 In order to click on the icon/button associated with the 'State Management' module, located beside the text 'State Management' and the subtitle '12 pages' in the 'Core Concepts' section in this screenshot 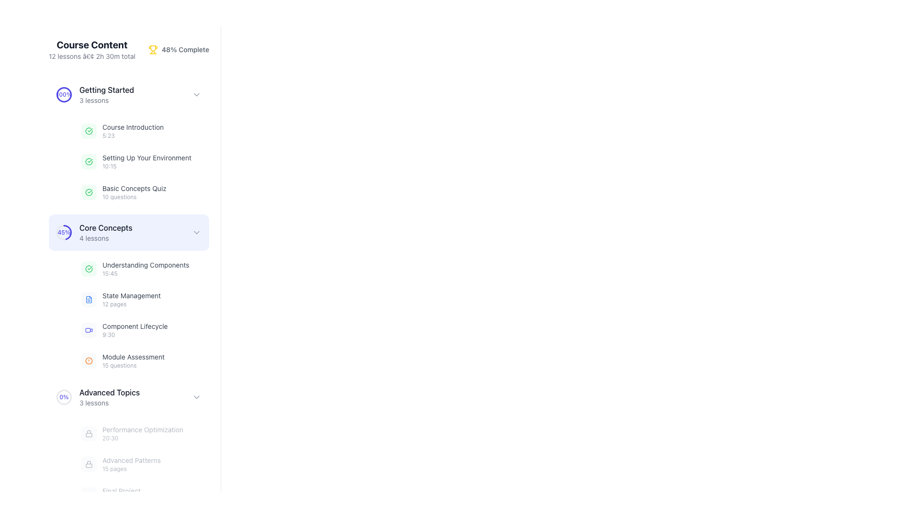, I will do `click(89, 299)`.